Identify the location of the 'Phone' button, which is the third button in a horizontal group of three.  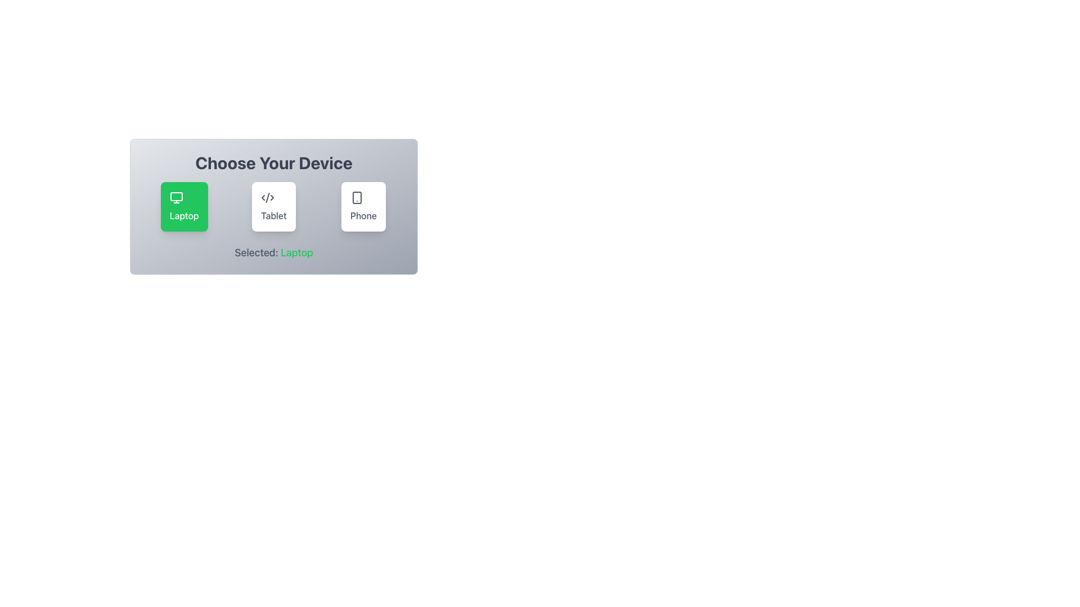
(363, 206).